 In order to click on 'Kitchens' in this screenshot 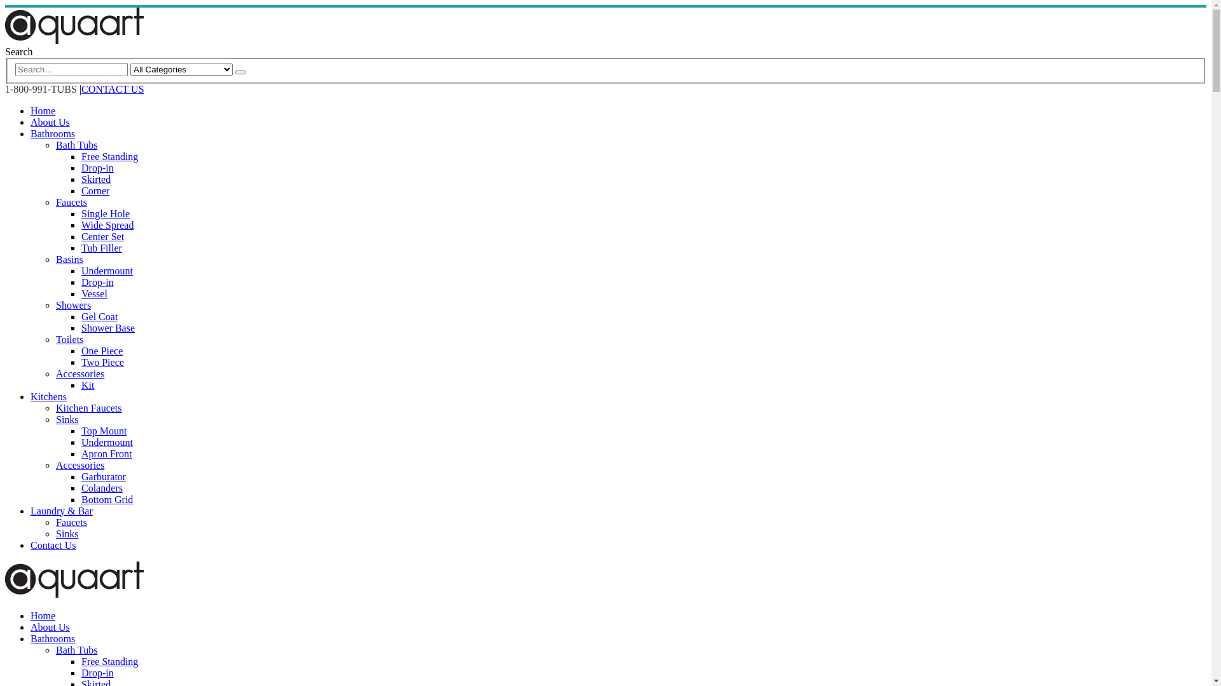, I will do `click(31, 396)`.